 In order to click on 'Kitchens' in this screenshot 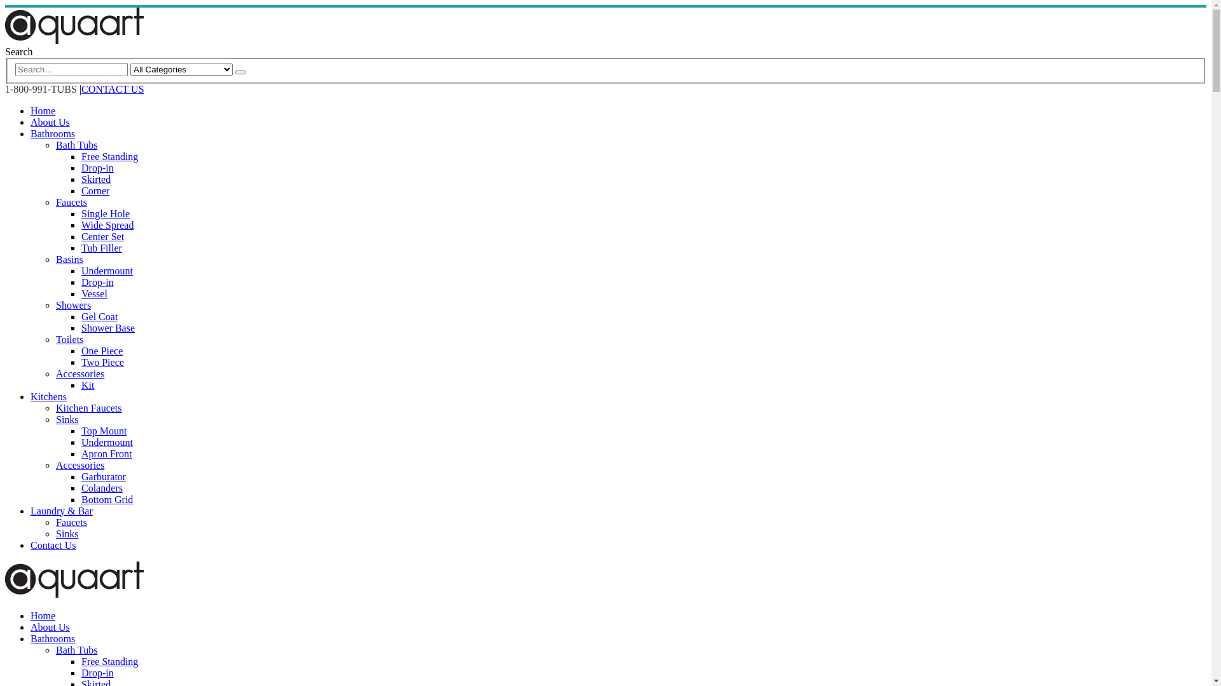, I will do `click(31, 396)`.